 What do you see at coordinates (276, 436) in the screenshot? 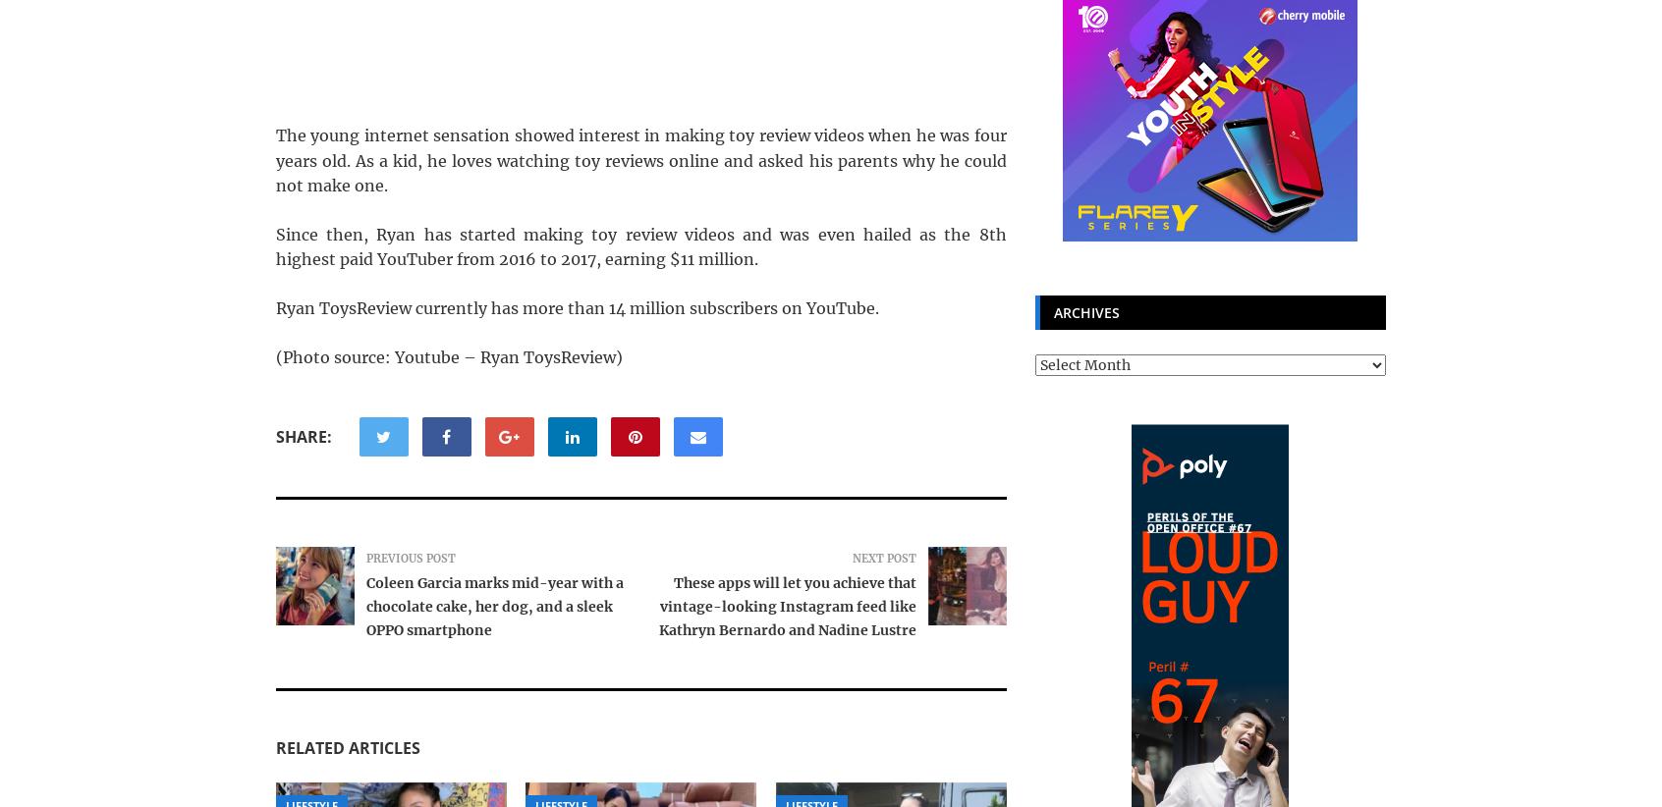
I see `'Share:'` at bounding box center [276, 436].